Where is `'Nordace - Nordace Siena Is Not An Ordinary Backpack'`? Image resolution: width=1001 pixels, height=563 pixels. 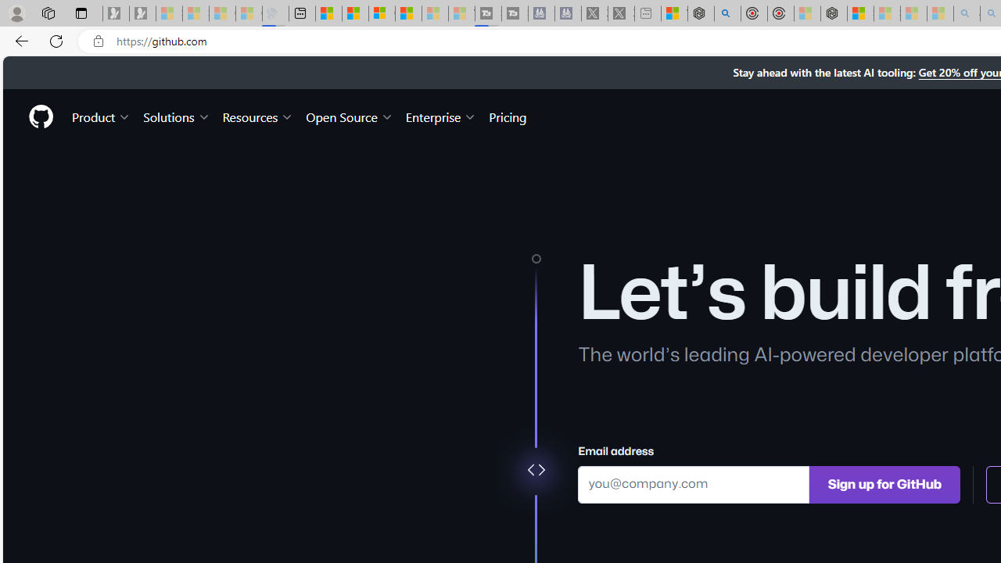 'Nordace - Nordace Siena Is Not An Ordinary Backpack' is located at coordinates (833, 13).